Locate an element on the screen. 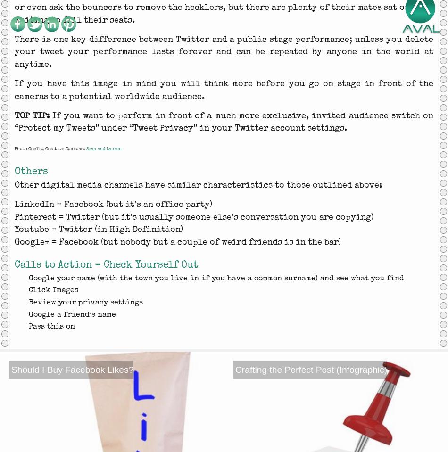  'Google a friend’s name' is located at coordinates (72, 314).